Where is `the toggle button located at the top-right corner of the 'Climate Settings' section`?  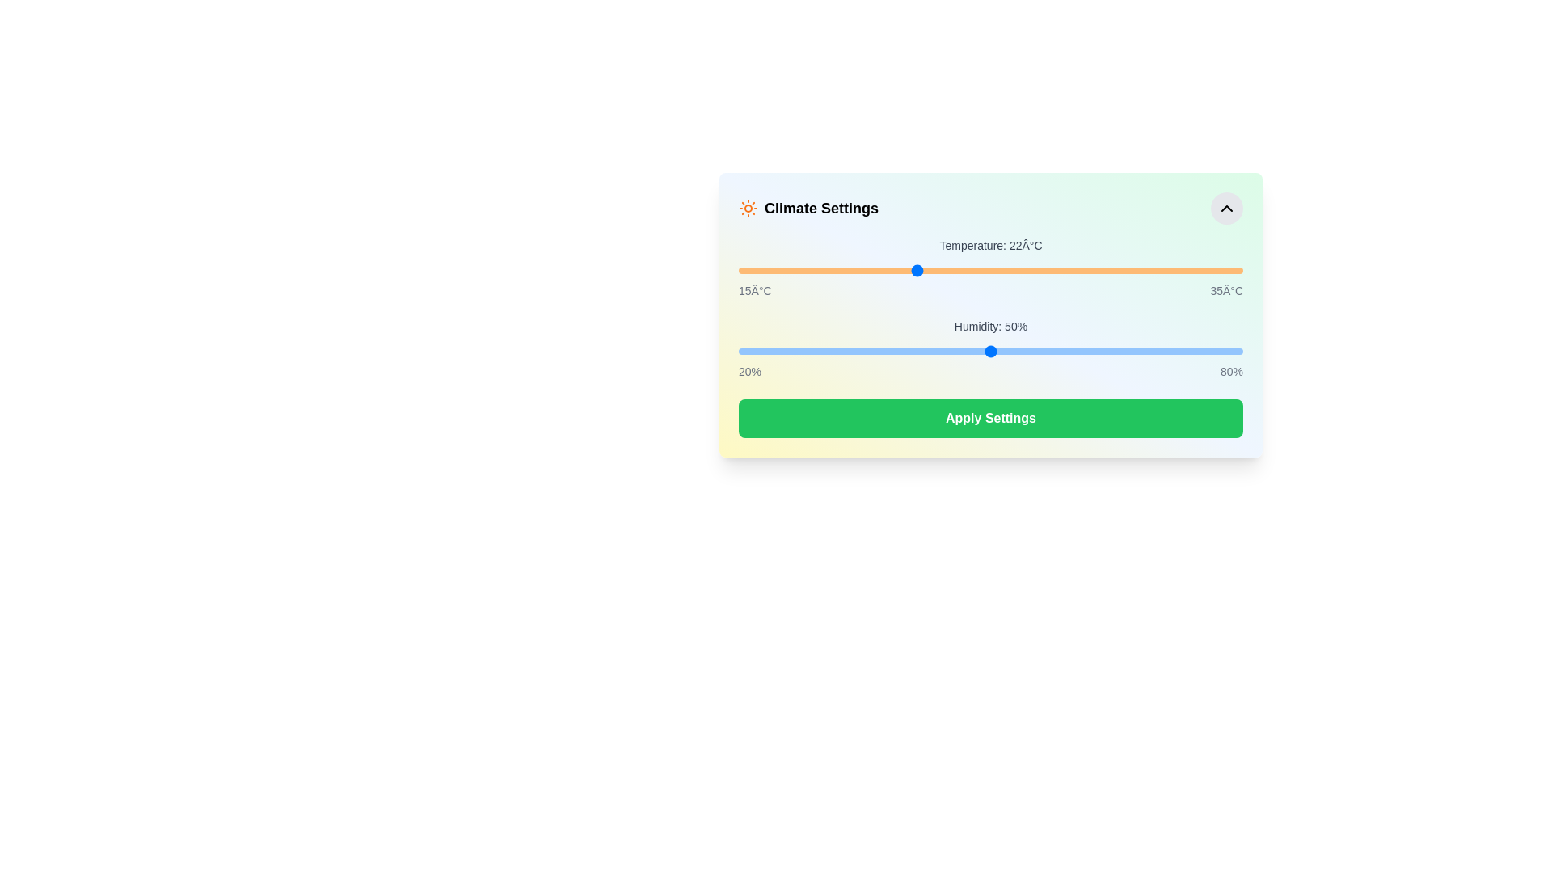 the toggle button located at the top-right corner of the 'Climate Settings' section is located at coordinates (1226, 208).